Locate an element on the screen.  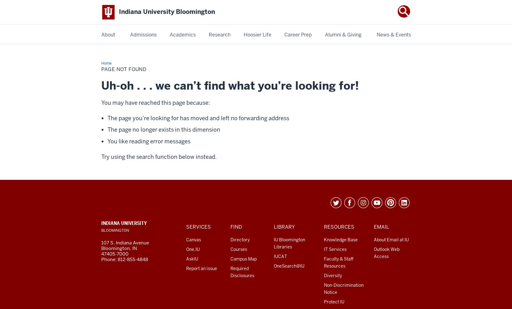
'Campus Map' is located at coordinates (243, 258).